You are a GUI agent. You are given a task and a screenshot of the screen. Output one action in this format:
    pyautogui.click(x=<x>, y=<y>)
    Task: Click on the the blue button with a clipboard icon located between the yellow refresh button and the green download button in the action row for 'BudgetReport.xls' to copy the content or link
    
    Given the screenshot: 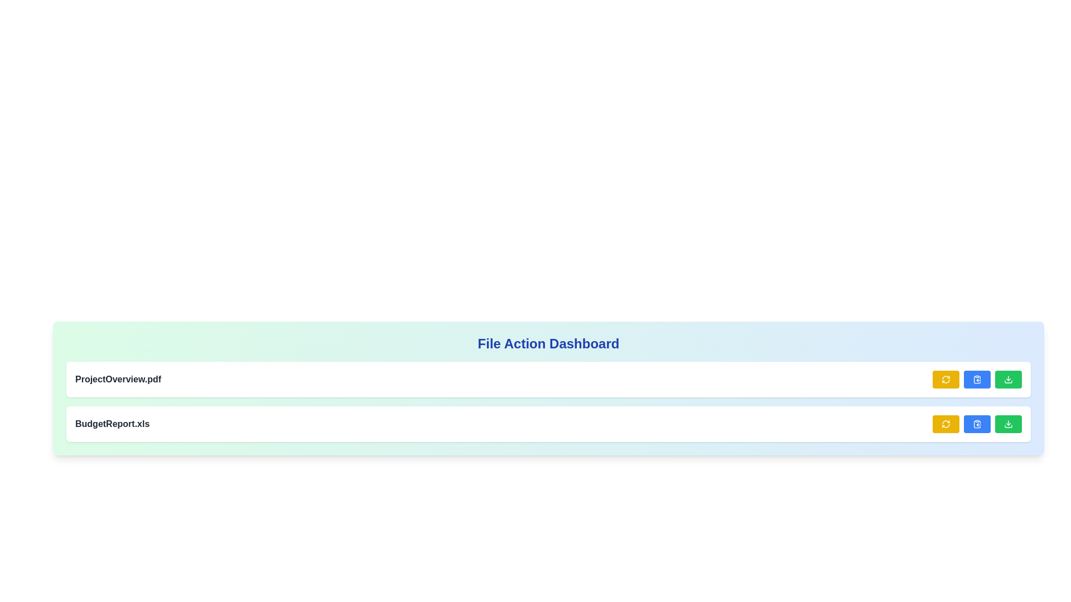 What is the action you would take?
    pyautogui.click(x=977, y=424)
    